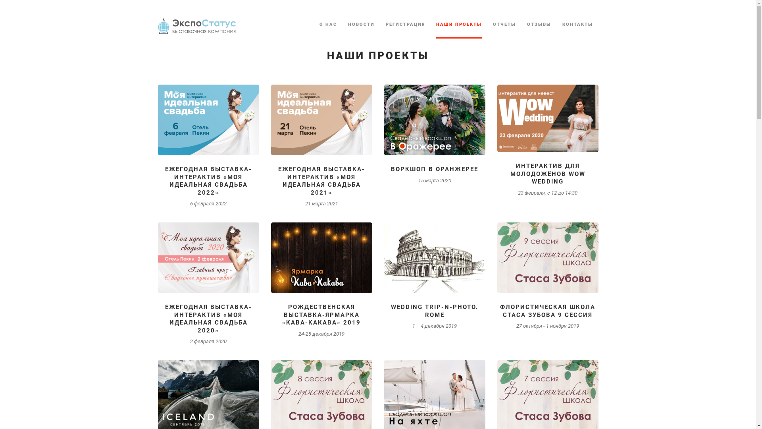  Describe the element at coordinates (391, 311) in the screenshot. I see `'WEDDING TRIP-N-PHOTO. ROME'` at that location.